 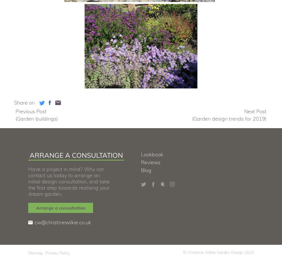 I want to click on 'Privacy Policy', so click(x=57, y=252).